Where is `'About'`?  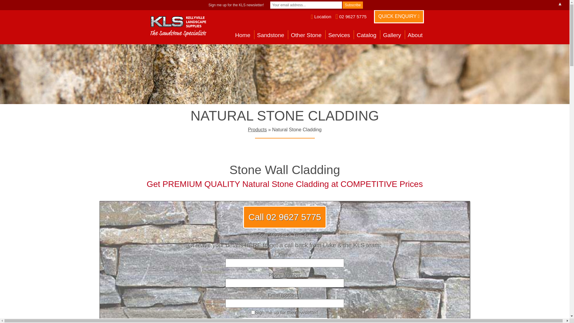 'About' is located at coordinates (415, 36).